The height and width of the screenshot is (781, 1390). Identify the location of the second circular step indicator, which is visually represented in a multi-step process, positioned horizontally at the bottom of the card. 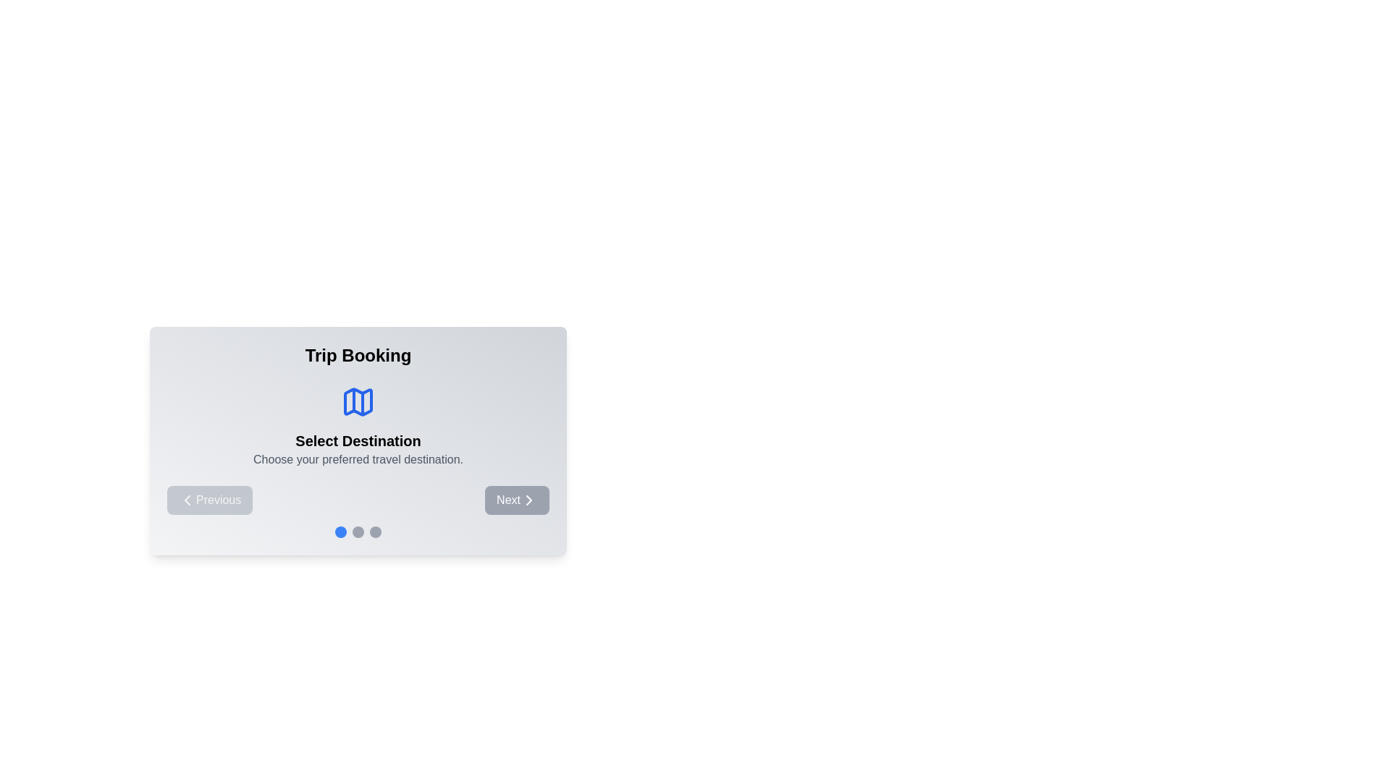
(358, 532).